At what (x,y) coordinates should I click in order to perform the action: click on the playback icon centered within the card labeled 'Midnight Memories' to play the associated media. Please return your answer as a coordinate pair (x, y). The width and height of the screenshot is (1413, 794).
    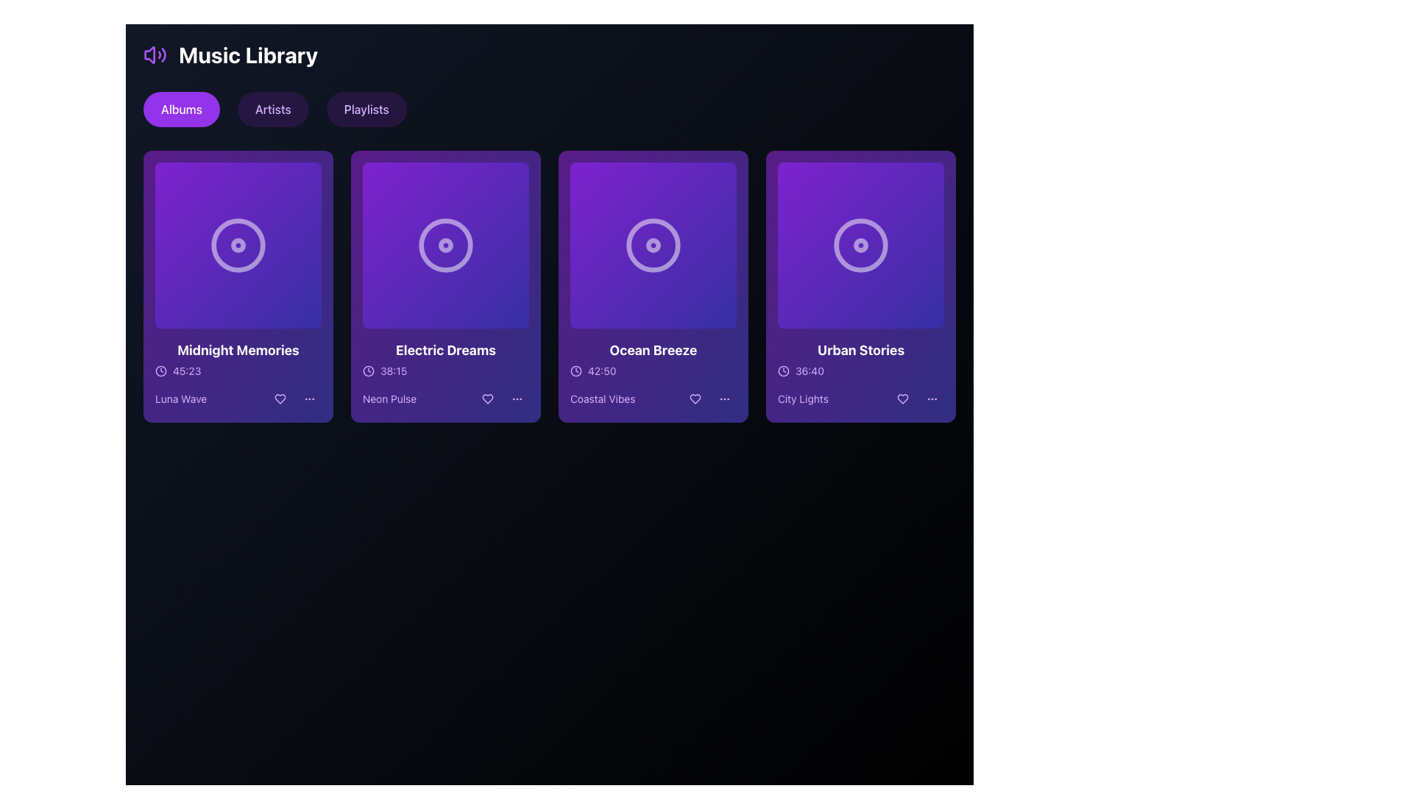
    Looking at the image, I should click on (240, 245).